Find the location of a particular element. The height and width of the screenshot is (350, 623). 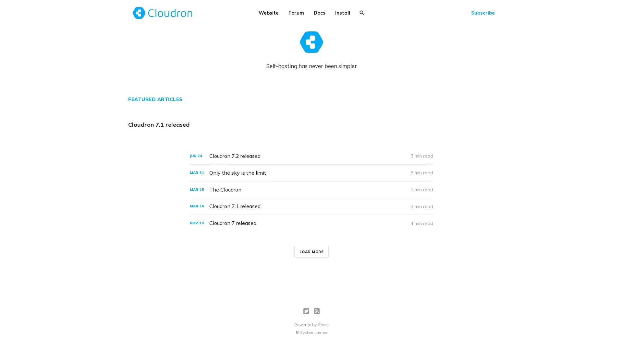

Subscribe is located at coordinates (483, 13).